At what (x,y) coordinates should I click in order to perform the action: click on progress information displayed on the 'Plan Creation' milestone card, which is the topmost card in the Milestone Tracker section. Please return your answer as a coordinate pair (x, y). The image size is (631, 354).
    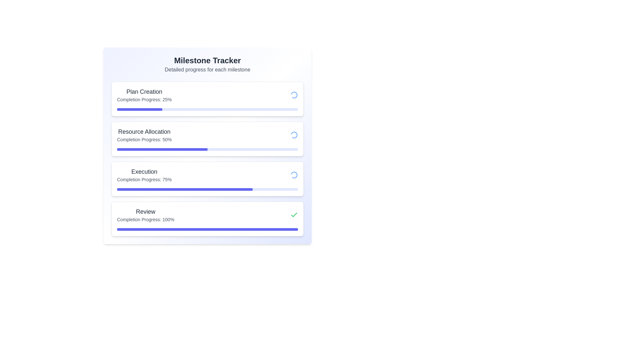
    Looking at the image, I should click on (207, 99).